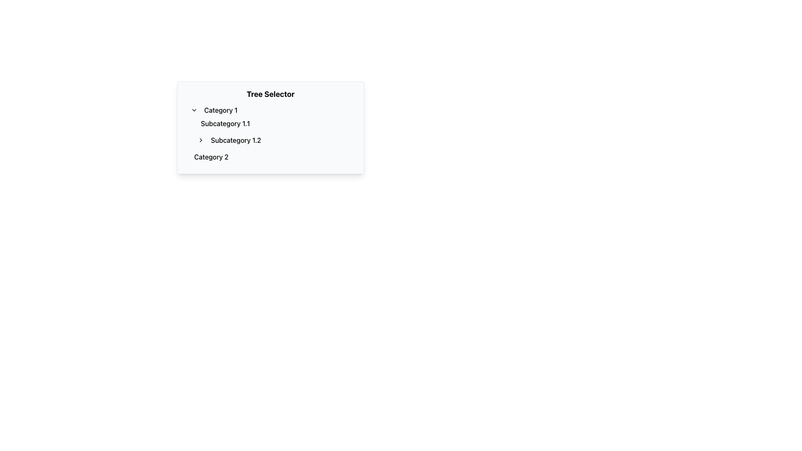  Describe the element at coordinates (236, 139) in the screenshot. I see `the clickable text link for 'Subcategory 1.2' located in the middle of the list layout under 'Tree Selector', positioned below 'Subcategory 1.1'` at that location.